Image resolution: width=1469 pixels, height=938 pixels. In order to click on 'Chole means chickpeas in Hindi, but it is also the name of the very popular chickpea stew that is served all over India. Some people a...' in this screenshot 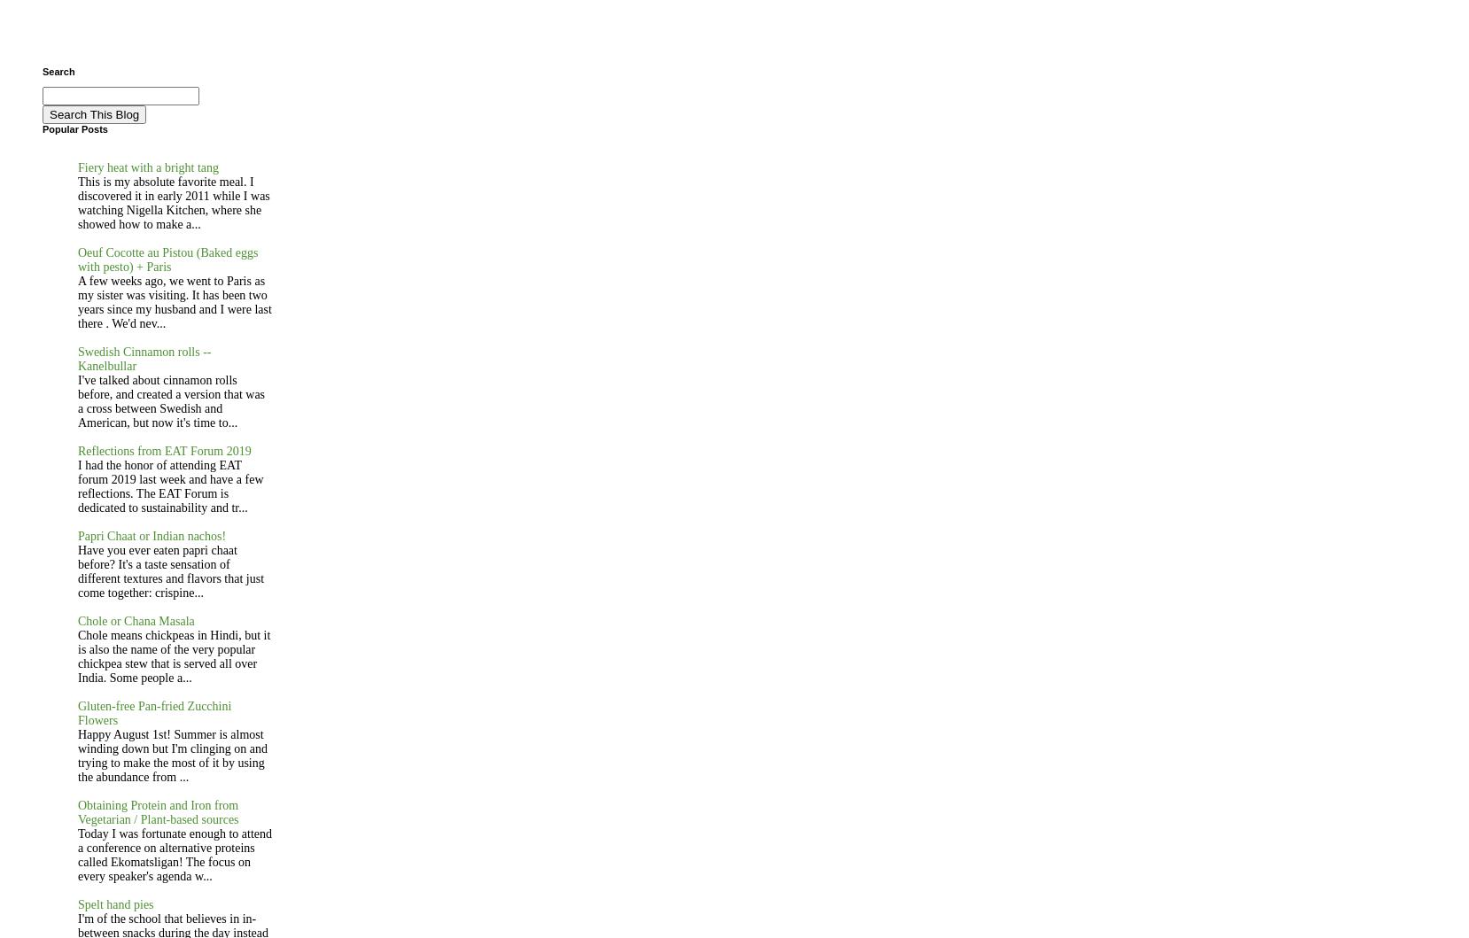, I will do `click(174, 656)`.